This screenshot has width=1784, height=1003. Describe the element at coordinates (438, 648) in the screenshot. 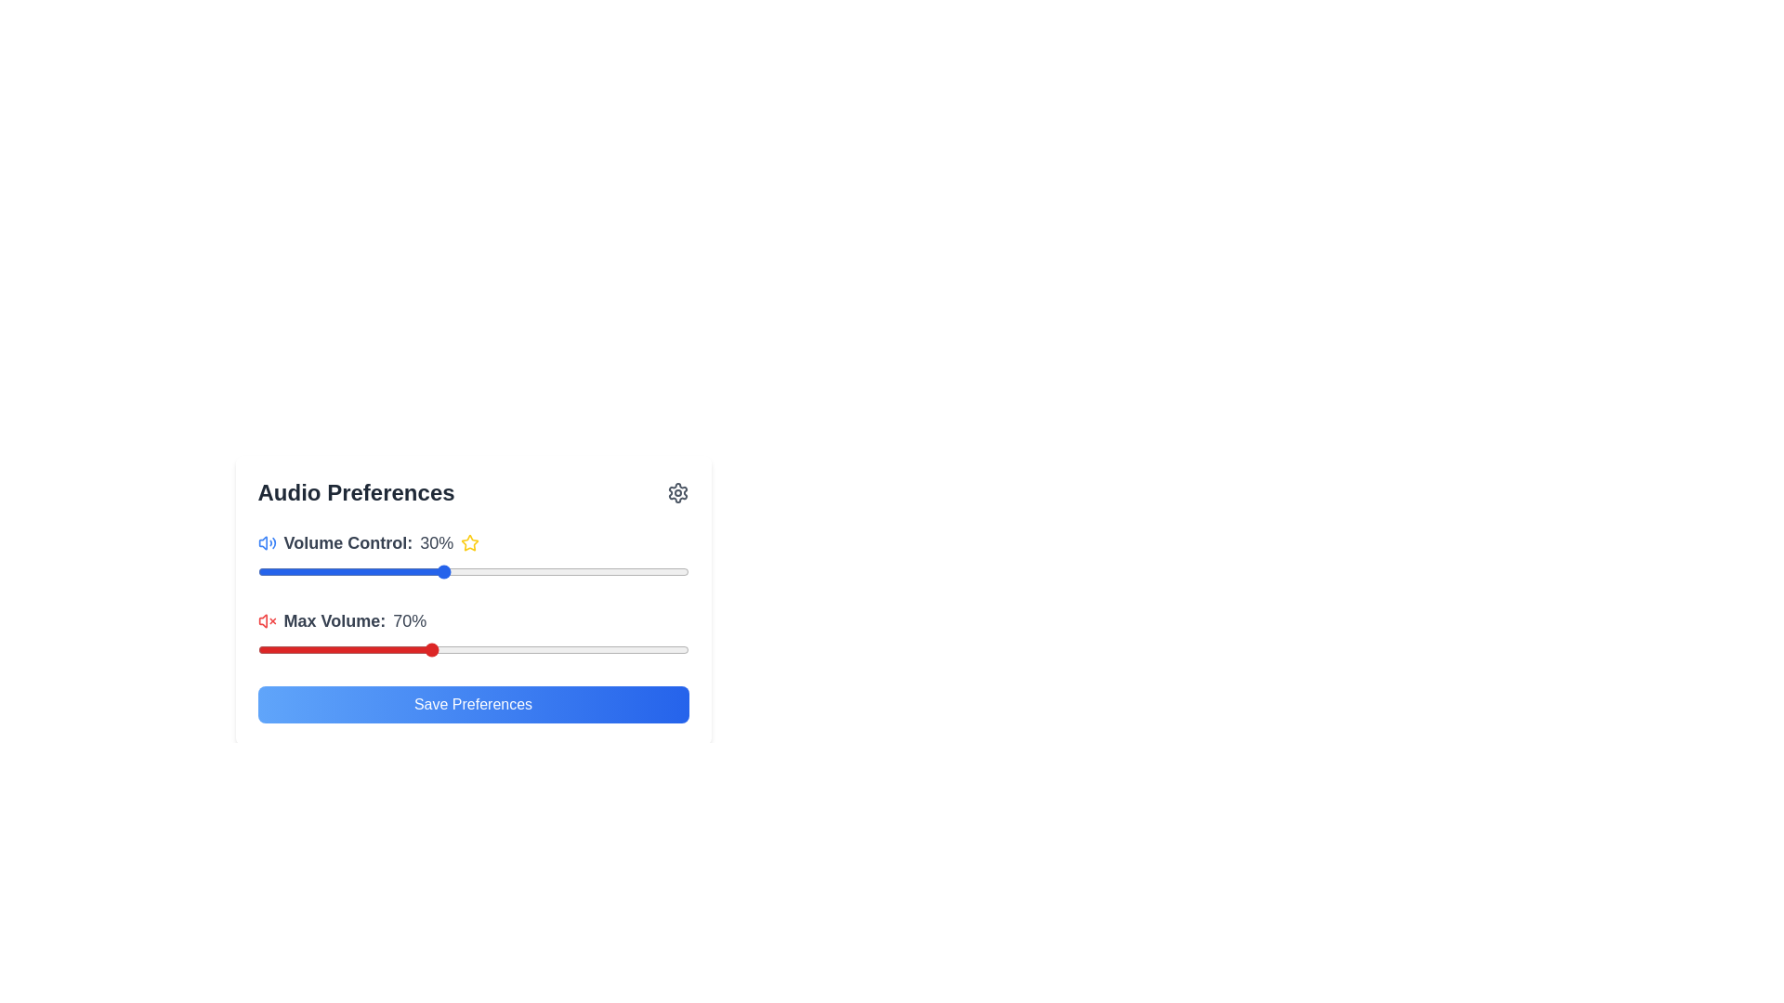

I see `the max volume` at that location.